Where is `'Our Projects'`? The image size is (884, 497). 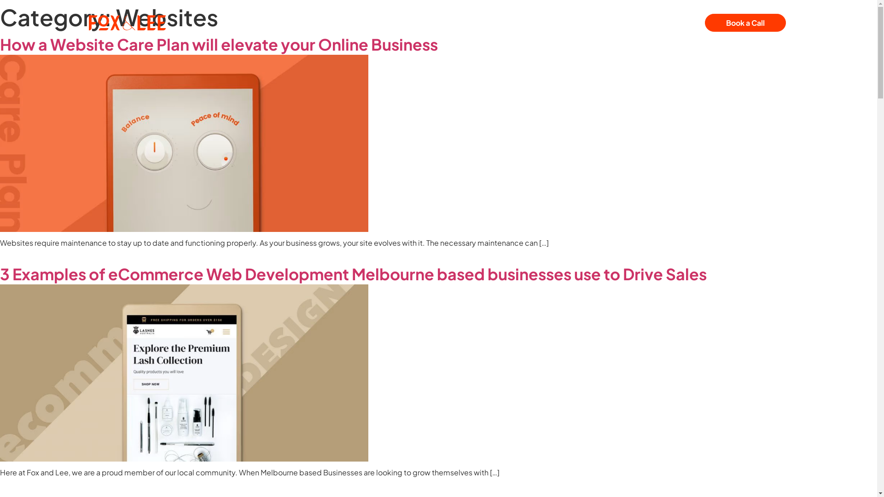 'Our Projects' is located at coordinates (370, 22).